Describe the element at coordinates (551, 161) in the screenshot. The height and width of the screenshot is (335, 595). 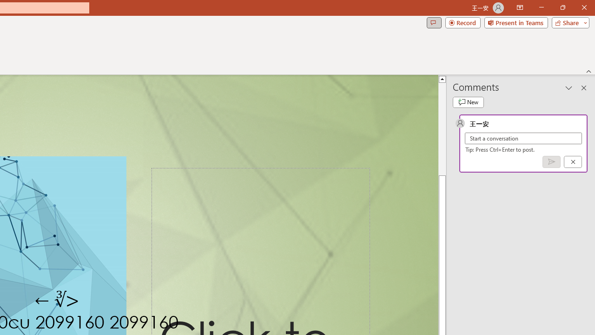
I see `'Post comment (Ctrl + Enter)'` at that location.